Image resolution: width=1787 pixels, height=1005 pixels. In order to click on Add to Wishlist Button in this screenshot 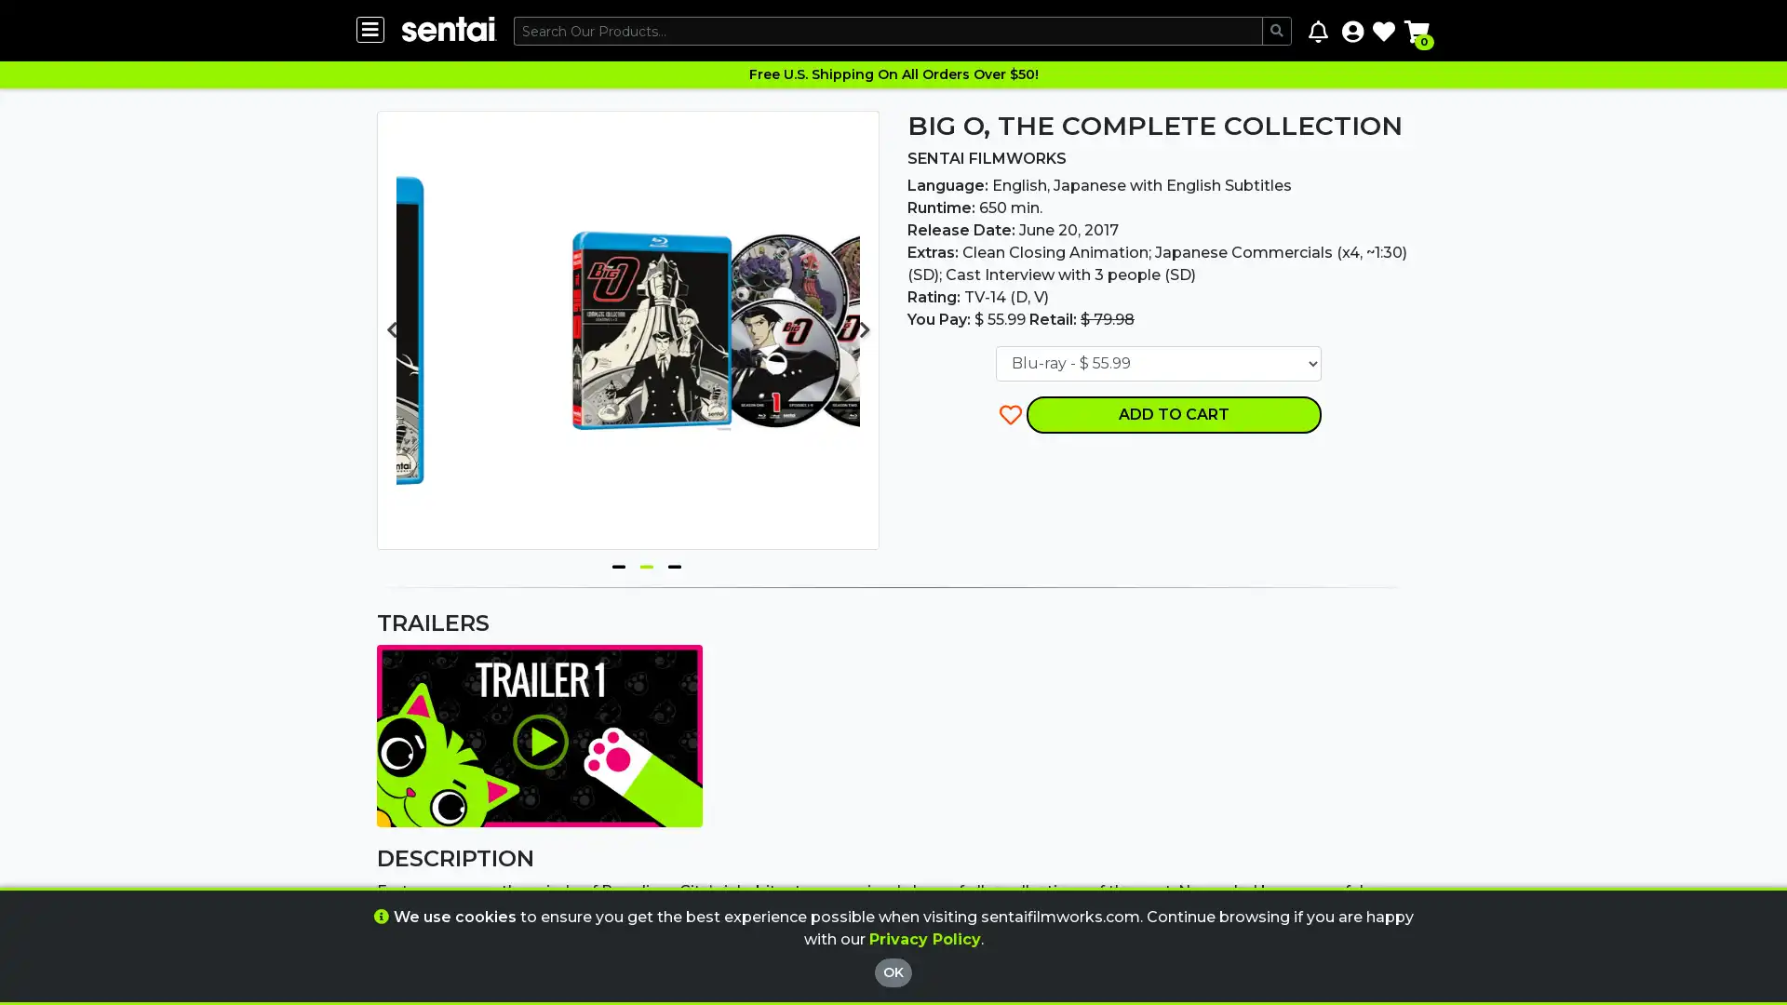, I will do `click(1010, 412)`.